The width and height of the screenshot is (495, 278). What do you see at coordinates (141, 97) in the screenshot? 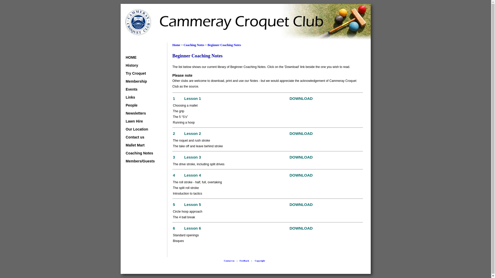
I see `'Links'` at bounding box center [141, 97].